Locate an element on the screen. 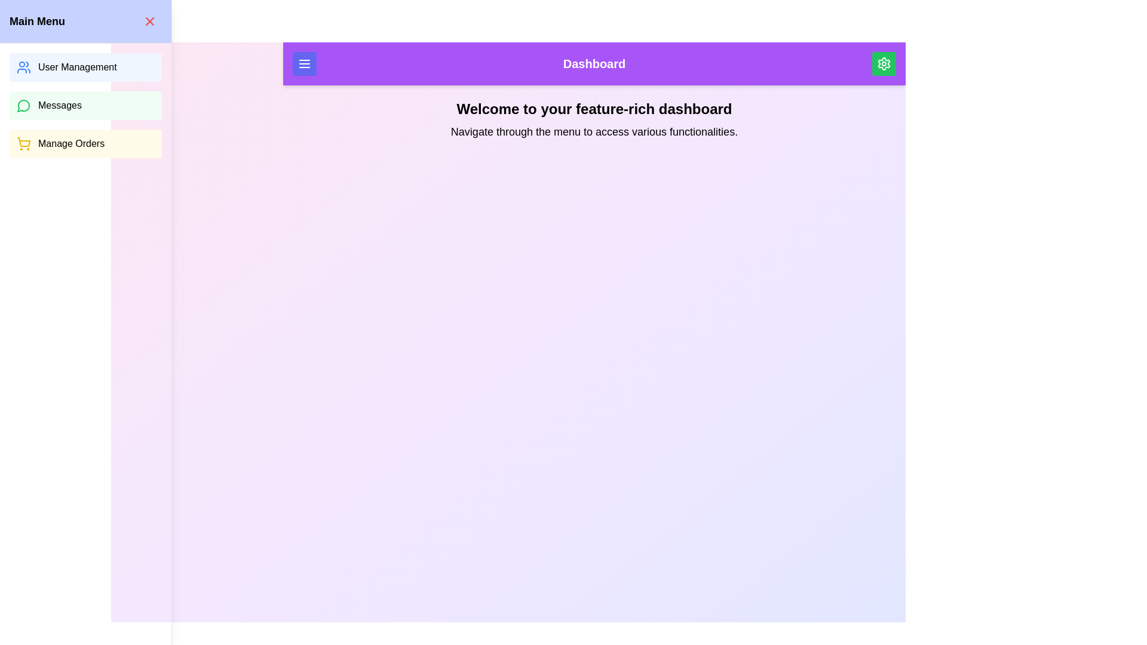 Image resolution: width=1147 pixels, height=645 pixels. the green circular button with a white gear icon located at the top right side of the purple bar labeled 'Dashboard' is located at coordinates (884, 64).